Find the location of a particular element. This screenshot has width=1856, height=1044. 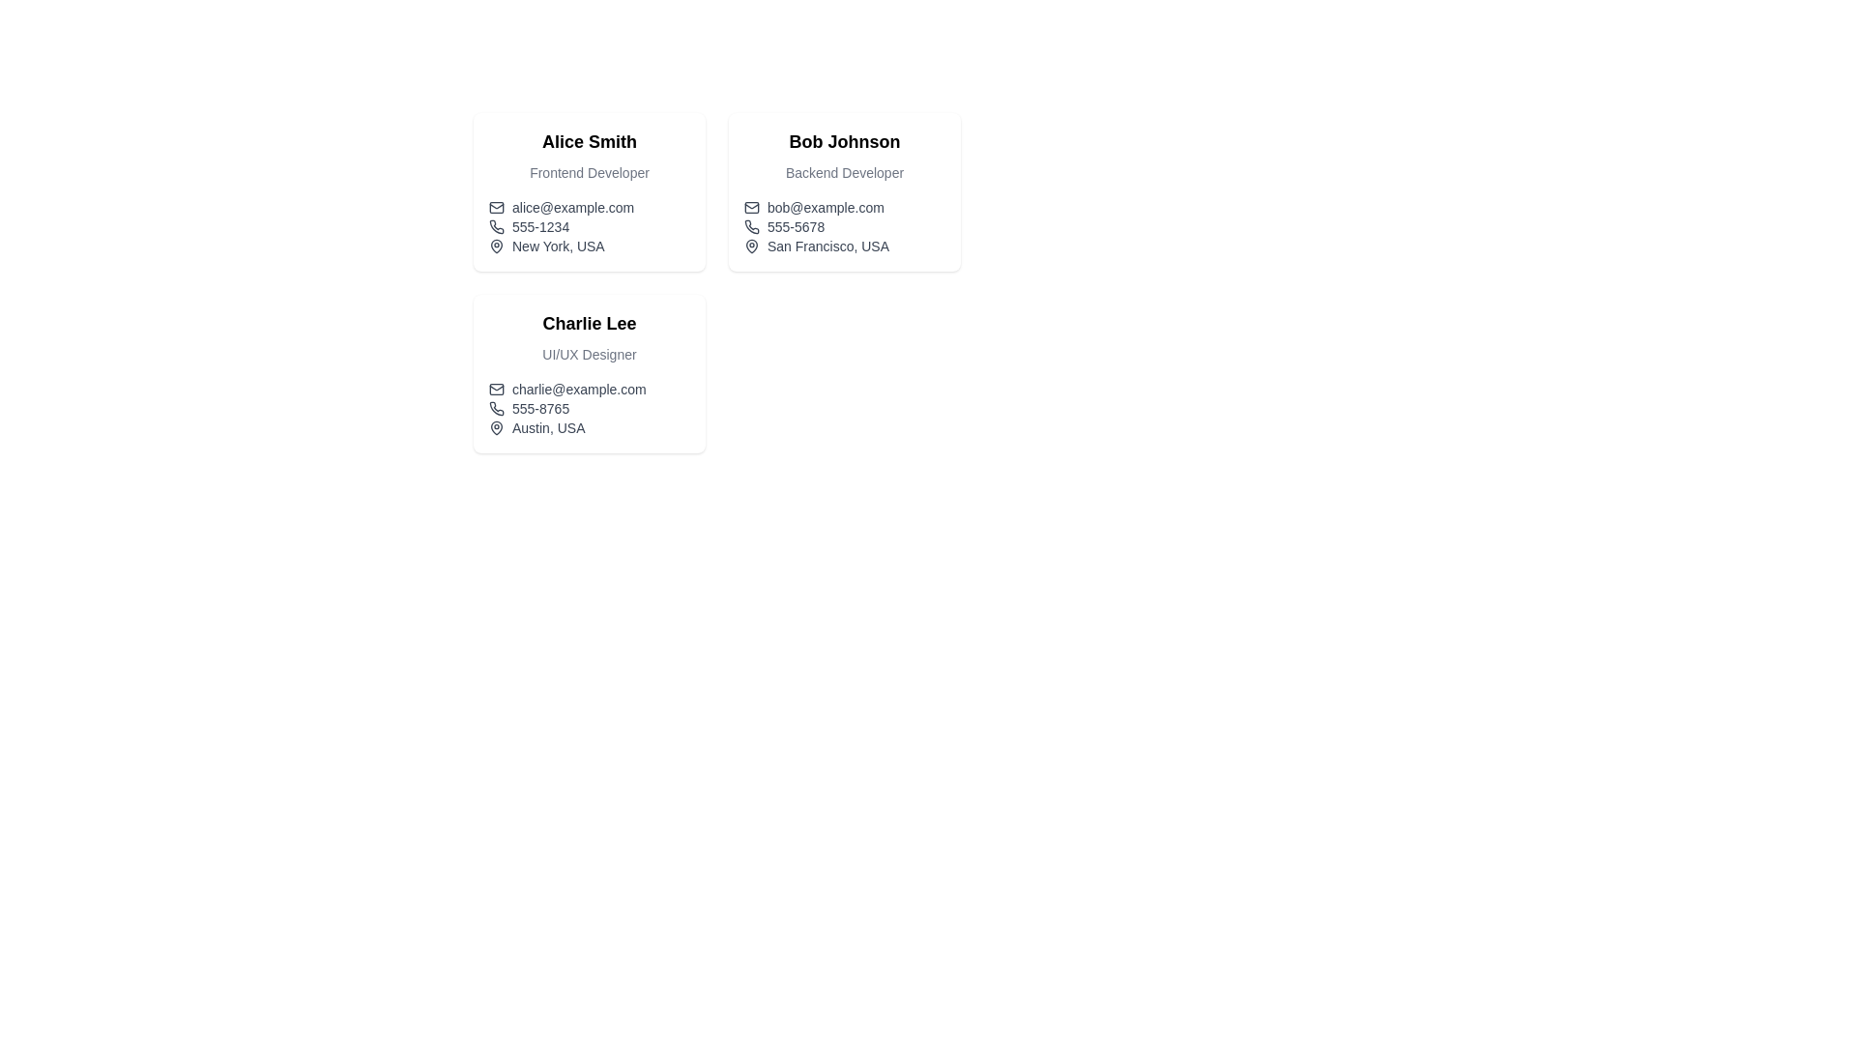

the text displaying the contact phone number (555-5678) of Bob Johnson, located in the 'Bob Johnson' card, specifically in the second line to the right of the phone icon is located at coordinates (796, 226).